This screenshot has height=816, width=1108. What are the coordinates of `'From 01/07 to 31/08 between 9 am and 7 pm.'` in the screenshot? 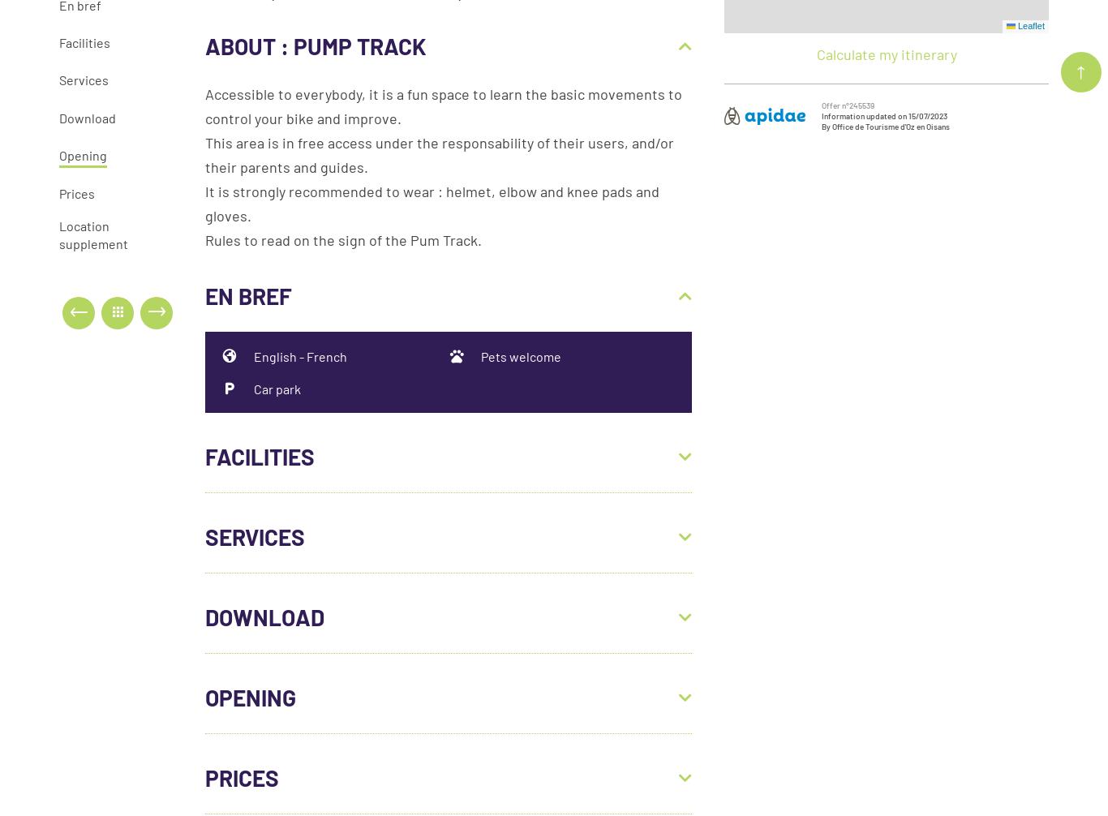 It's located at (346, 744).